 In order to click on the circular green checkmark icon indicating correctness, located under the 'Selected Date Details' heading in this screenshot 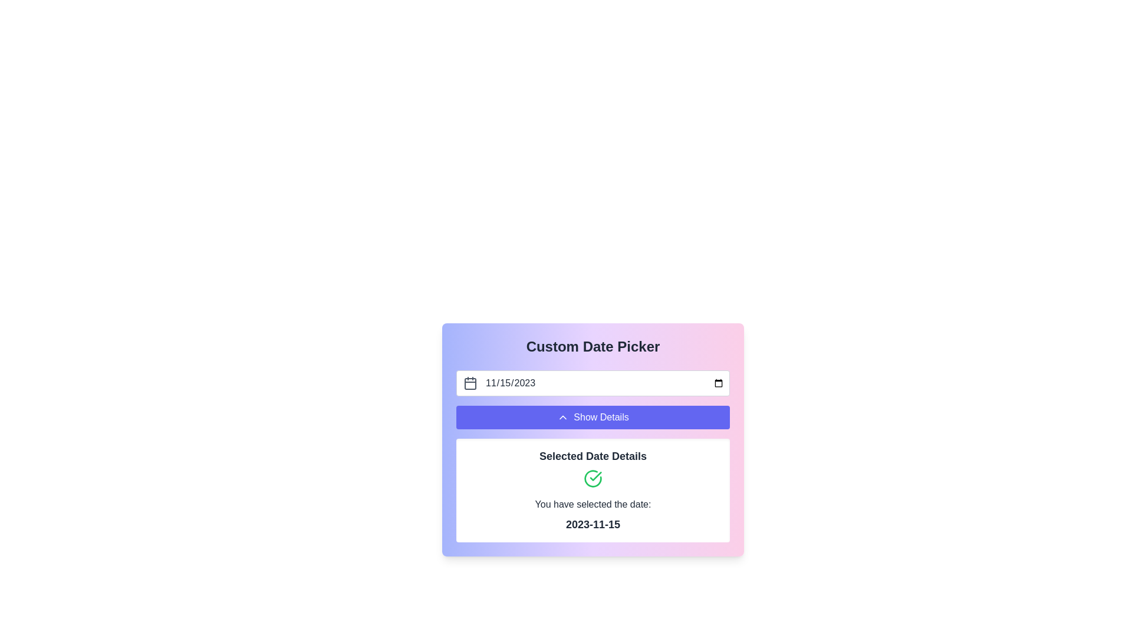, I will do `click(593, 479)`.